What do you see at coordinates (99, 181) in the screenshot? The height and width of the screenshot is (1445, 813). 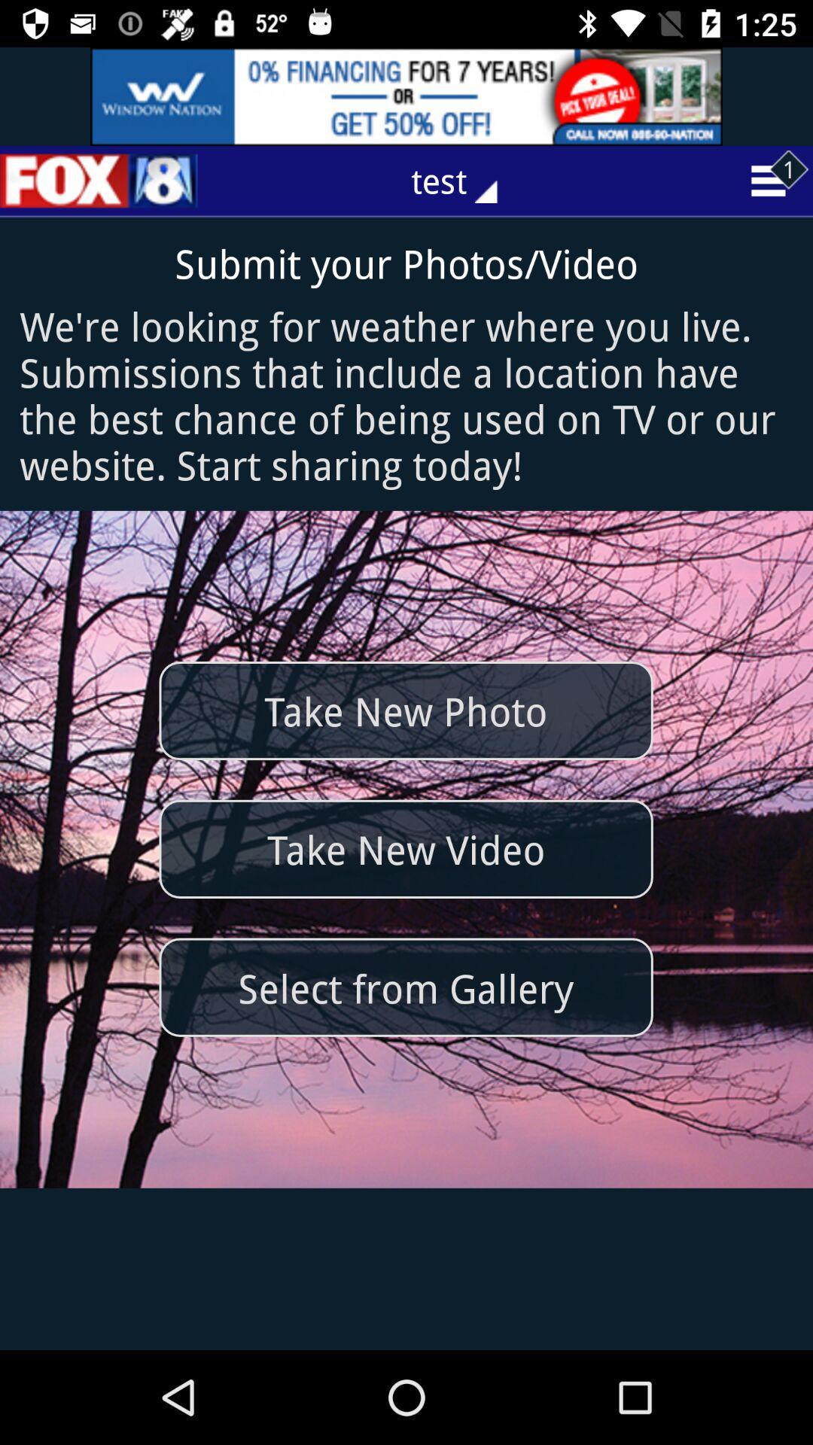 I see `the sliders icon` at bounding box center [99, 181].